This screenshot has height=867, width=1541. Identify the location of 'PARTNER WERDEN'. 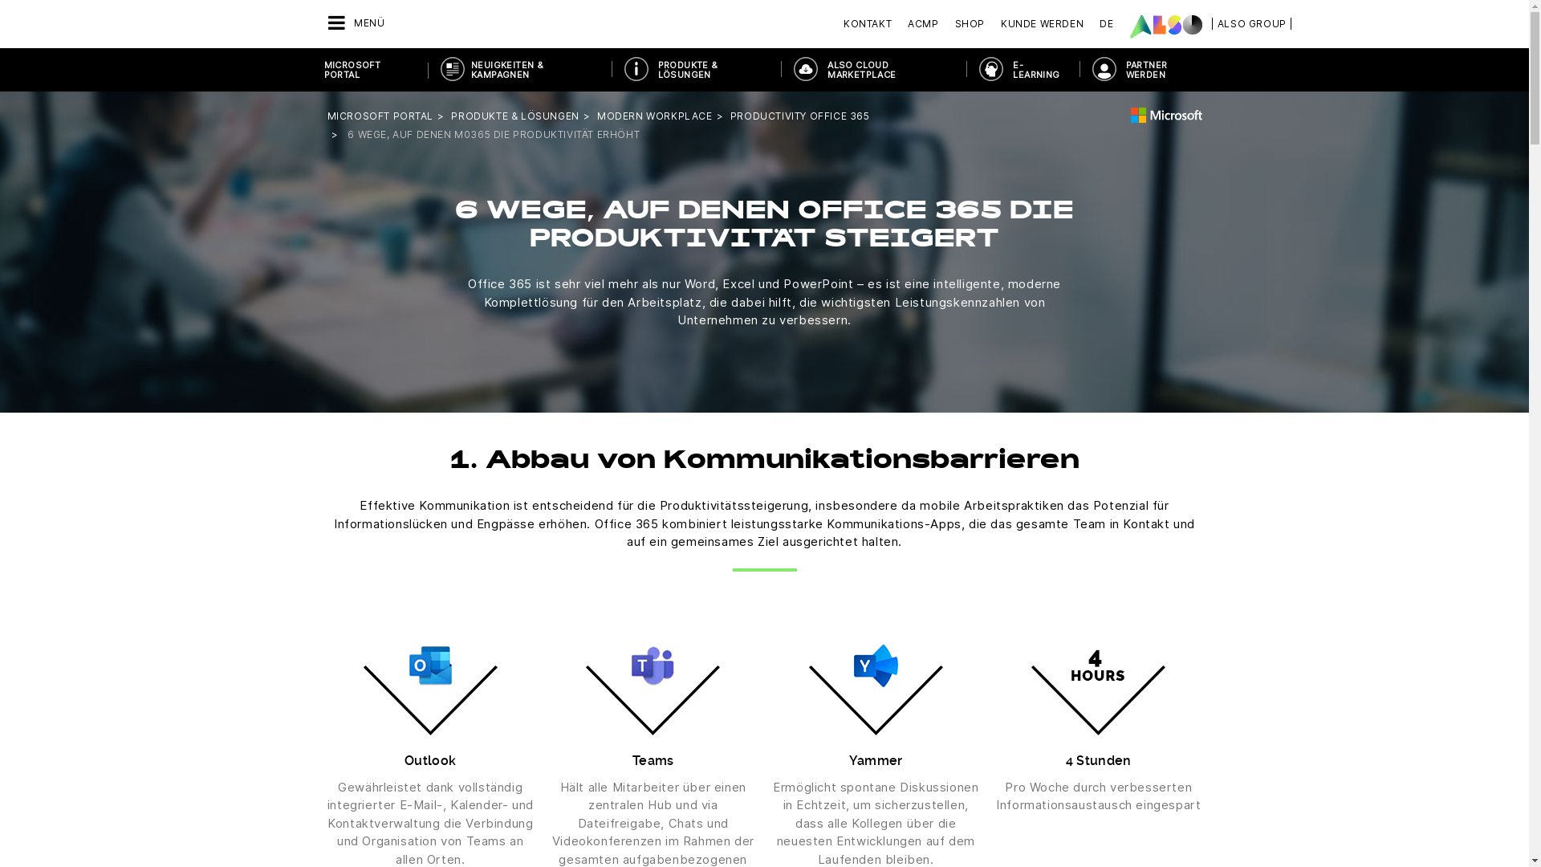
(1148, 69).